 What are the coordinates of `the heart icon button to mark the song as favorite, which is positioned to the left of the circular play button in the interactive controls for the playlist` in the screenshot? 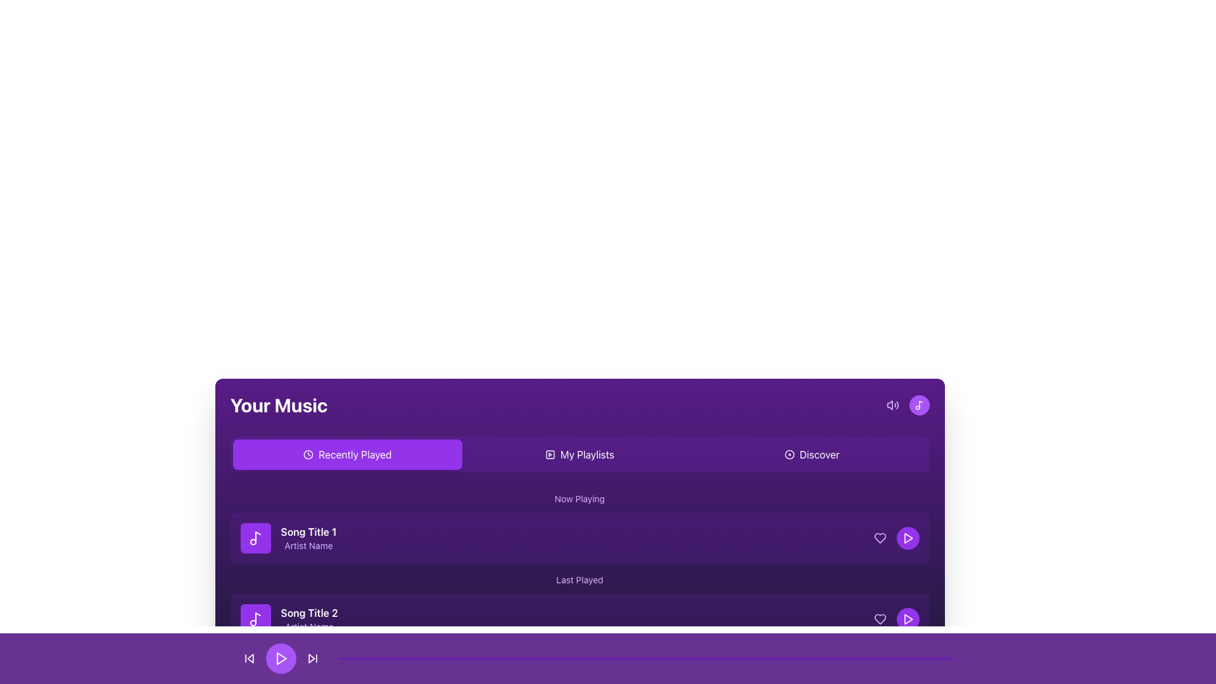 It's located at (879, 619).